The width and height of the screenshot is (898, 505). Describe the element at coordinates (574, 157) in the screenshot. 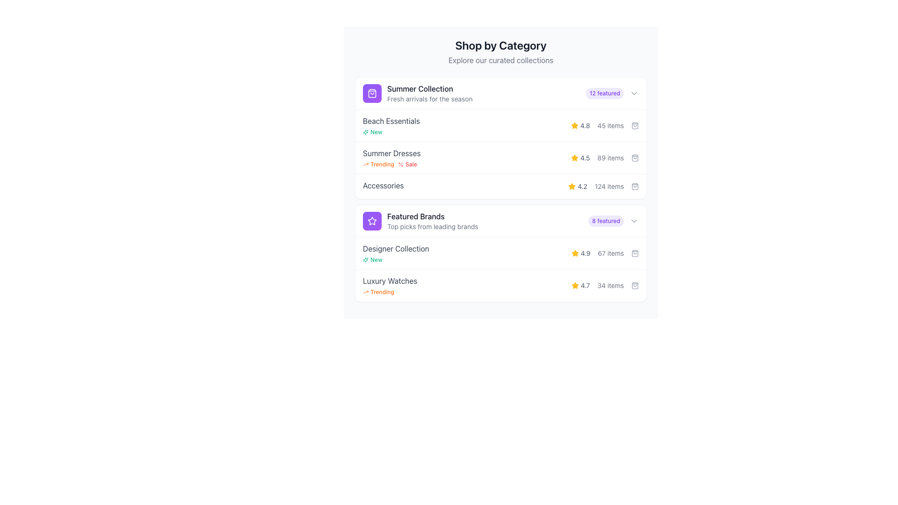

I see `the amber star icon indicating the rating for the 'Summer Dresses' category, located to the right of the category label and left of the number '4.5'` at that location.